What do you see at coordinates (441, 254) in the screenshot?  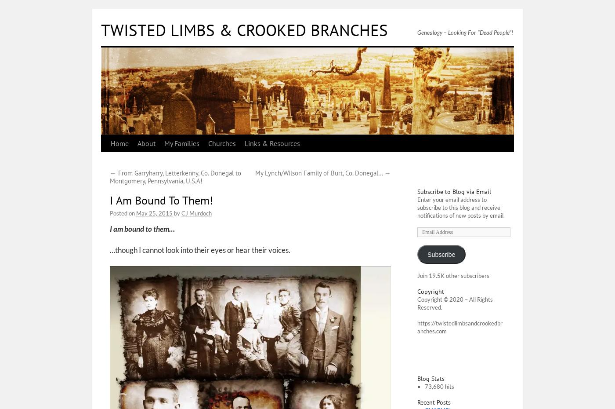 I see `'Subscribe'` at bounding box center [441, 254].